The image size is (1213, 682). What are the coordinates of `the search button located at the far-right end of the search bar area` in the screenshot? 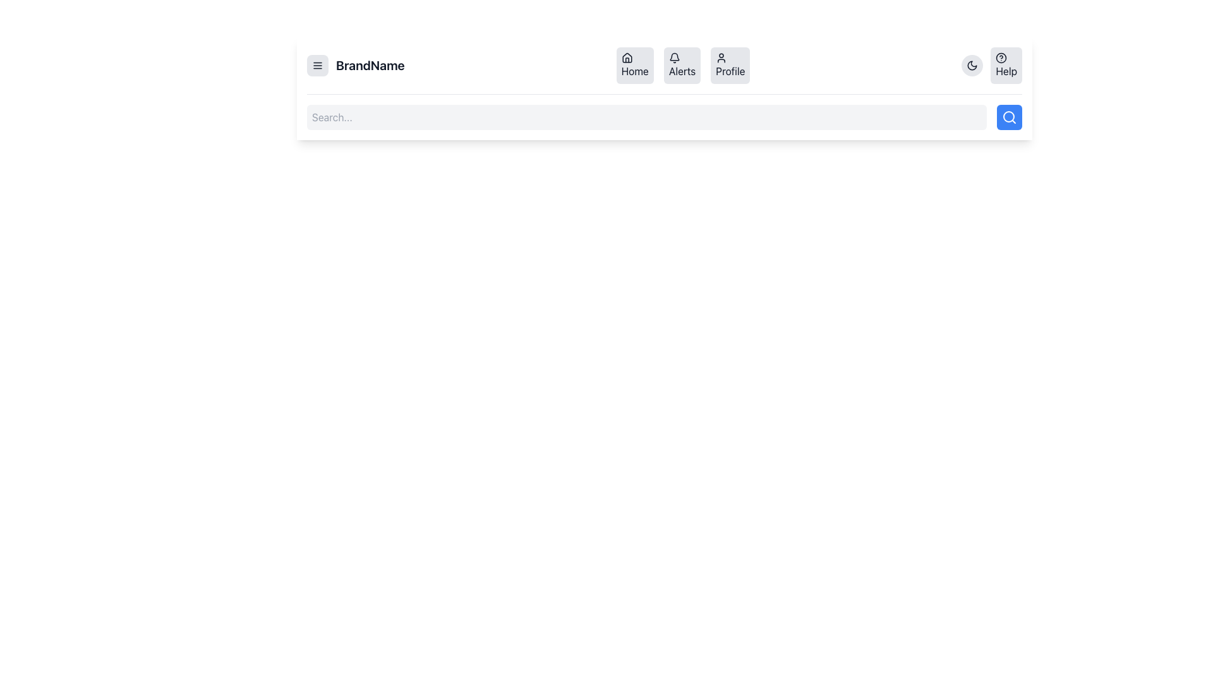 It's located at (1009, 117).